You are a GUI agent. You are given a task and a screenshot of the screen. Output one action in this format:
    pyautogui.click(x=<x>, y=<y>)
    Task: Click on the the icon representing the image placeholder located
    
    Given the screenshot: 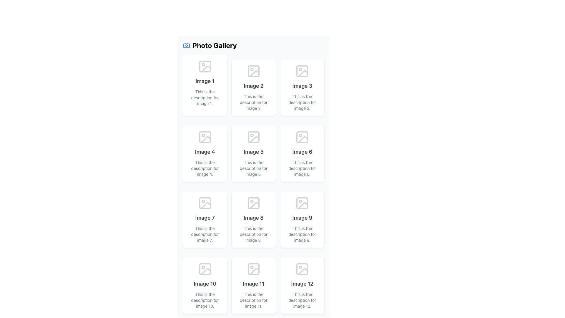 What is the action you would take?
    pyautogui.click(x=302, y=203)
    